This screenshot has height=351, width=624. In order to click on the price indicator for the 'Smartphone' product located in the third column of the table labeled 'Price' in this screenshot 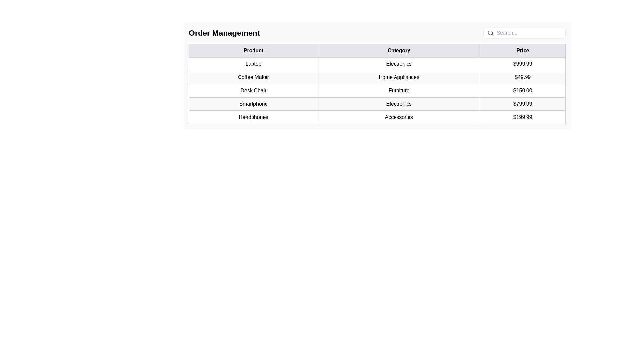, I will do `click(523, 104)`.